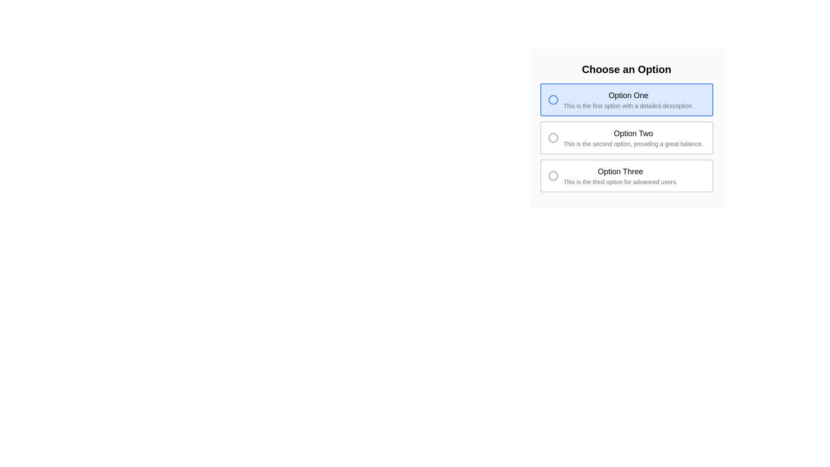 Image resolution: width=830 pixels, height=467 pixels. What do you see at coordinates (626, 176) in the screenshot?
I see `the selectable option item labeled 'Option Three'` at bounding box center [626, 176].